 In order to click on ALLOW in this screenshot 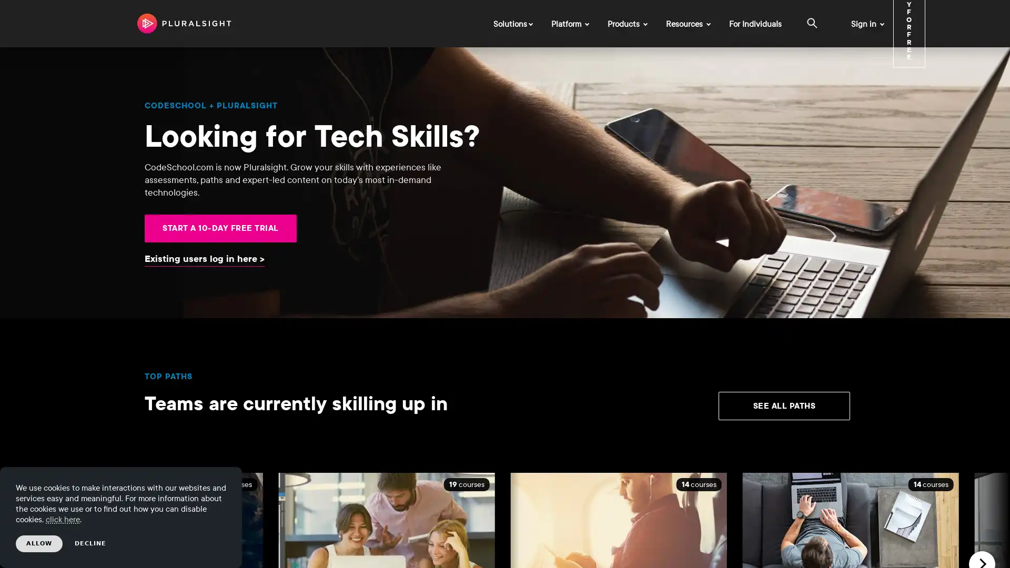, I will do `click(39, 543)`.